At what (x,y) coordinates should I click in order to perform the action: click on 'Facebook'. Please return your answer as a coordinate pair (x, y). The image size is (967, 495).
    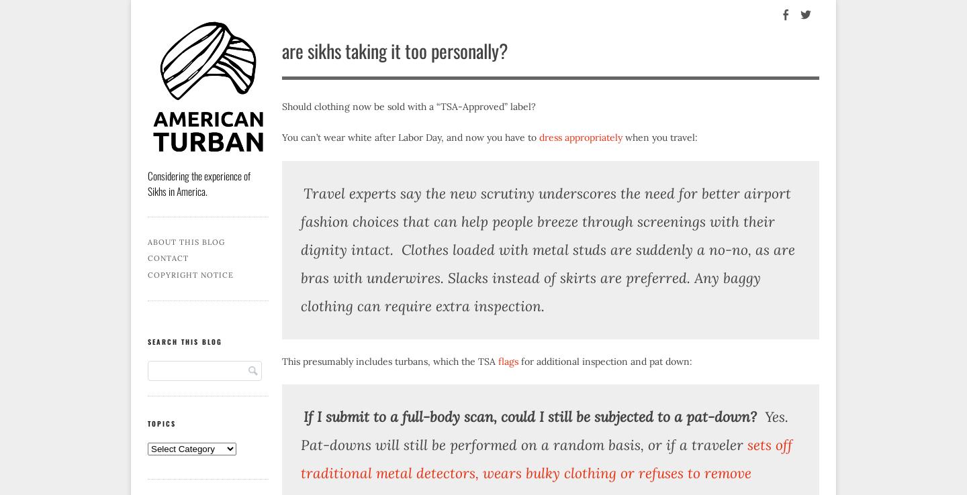
    Looking at the image, I should click on (784, 68).